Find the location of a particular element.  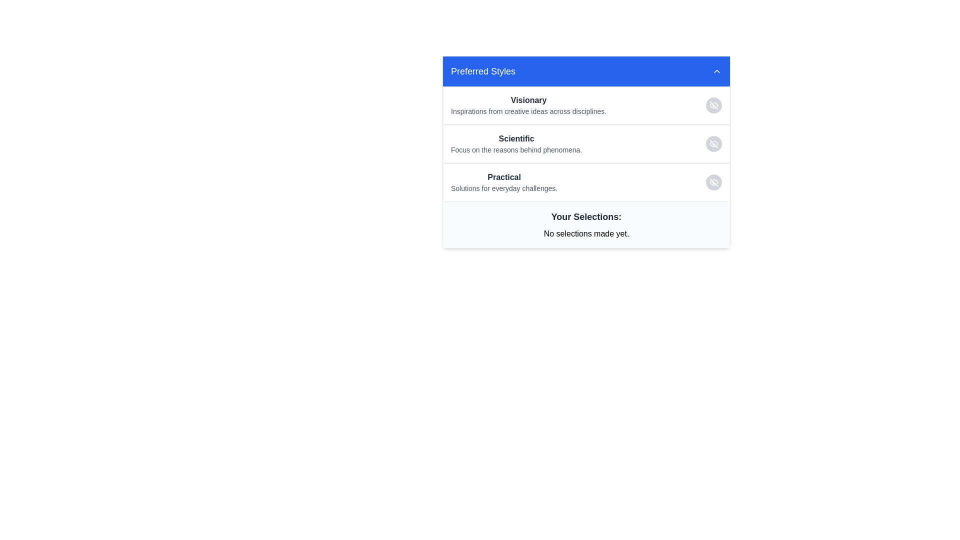

the interactive button of the 'Scientific' option in the list under 'Preferred Styles' is located at coordinates (586, 143).